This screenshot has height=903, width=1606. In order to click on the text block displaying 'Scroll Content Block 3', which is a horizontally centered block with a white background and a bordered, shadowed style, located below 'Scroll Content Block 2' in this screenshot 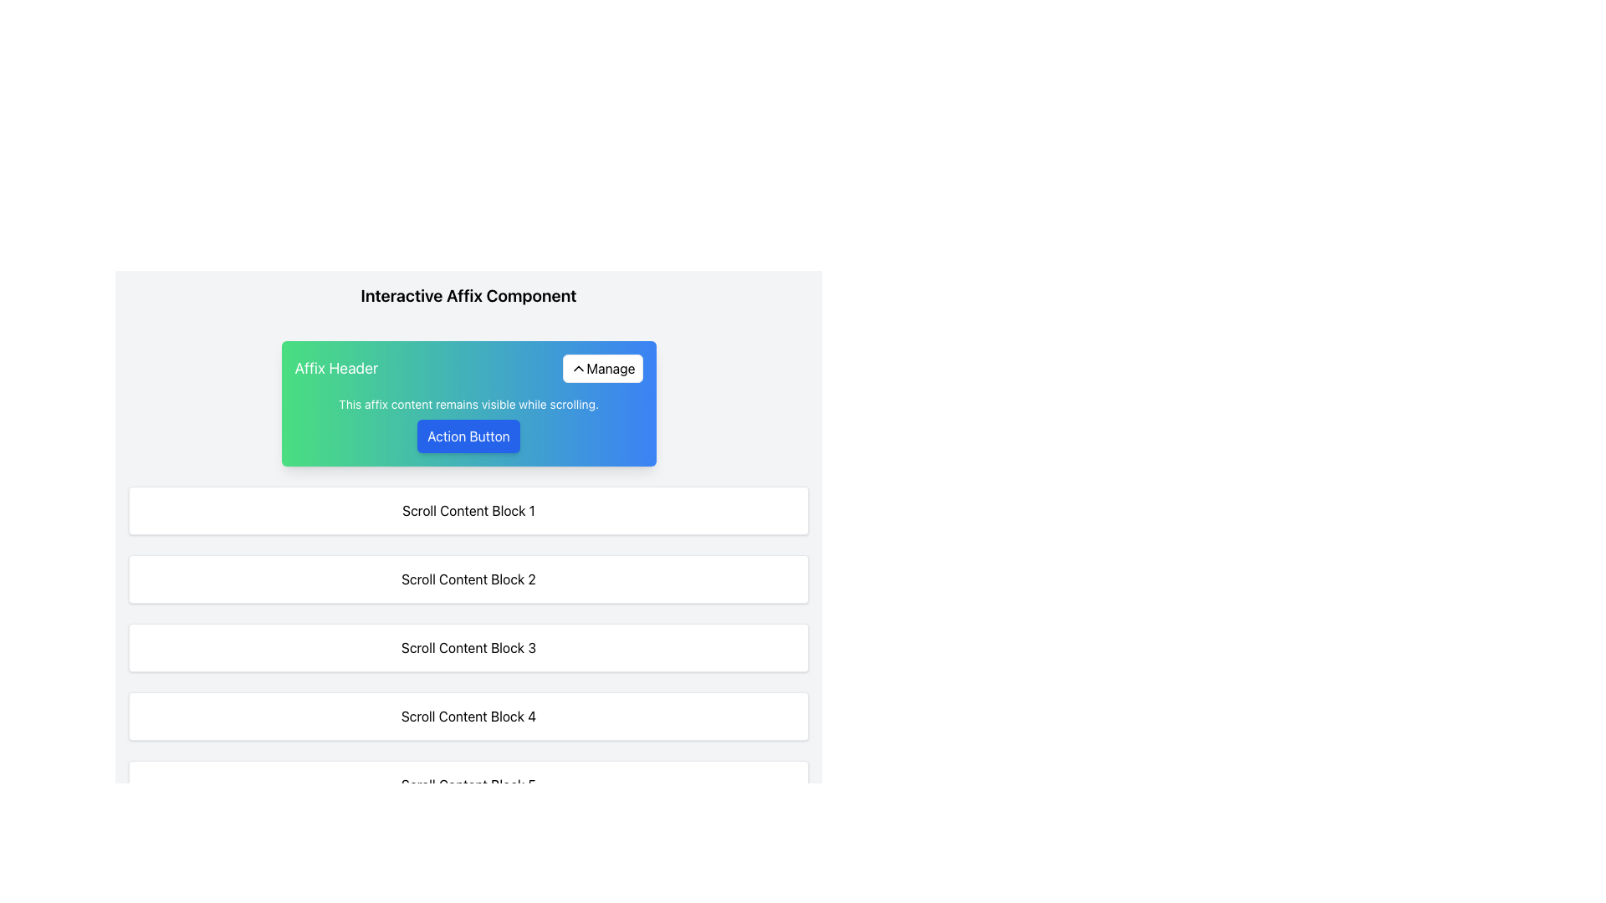, I will do `click(468, 647)`.